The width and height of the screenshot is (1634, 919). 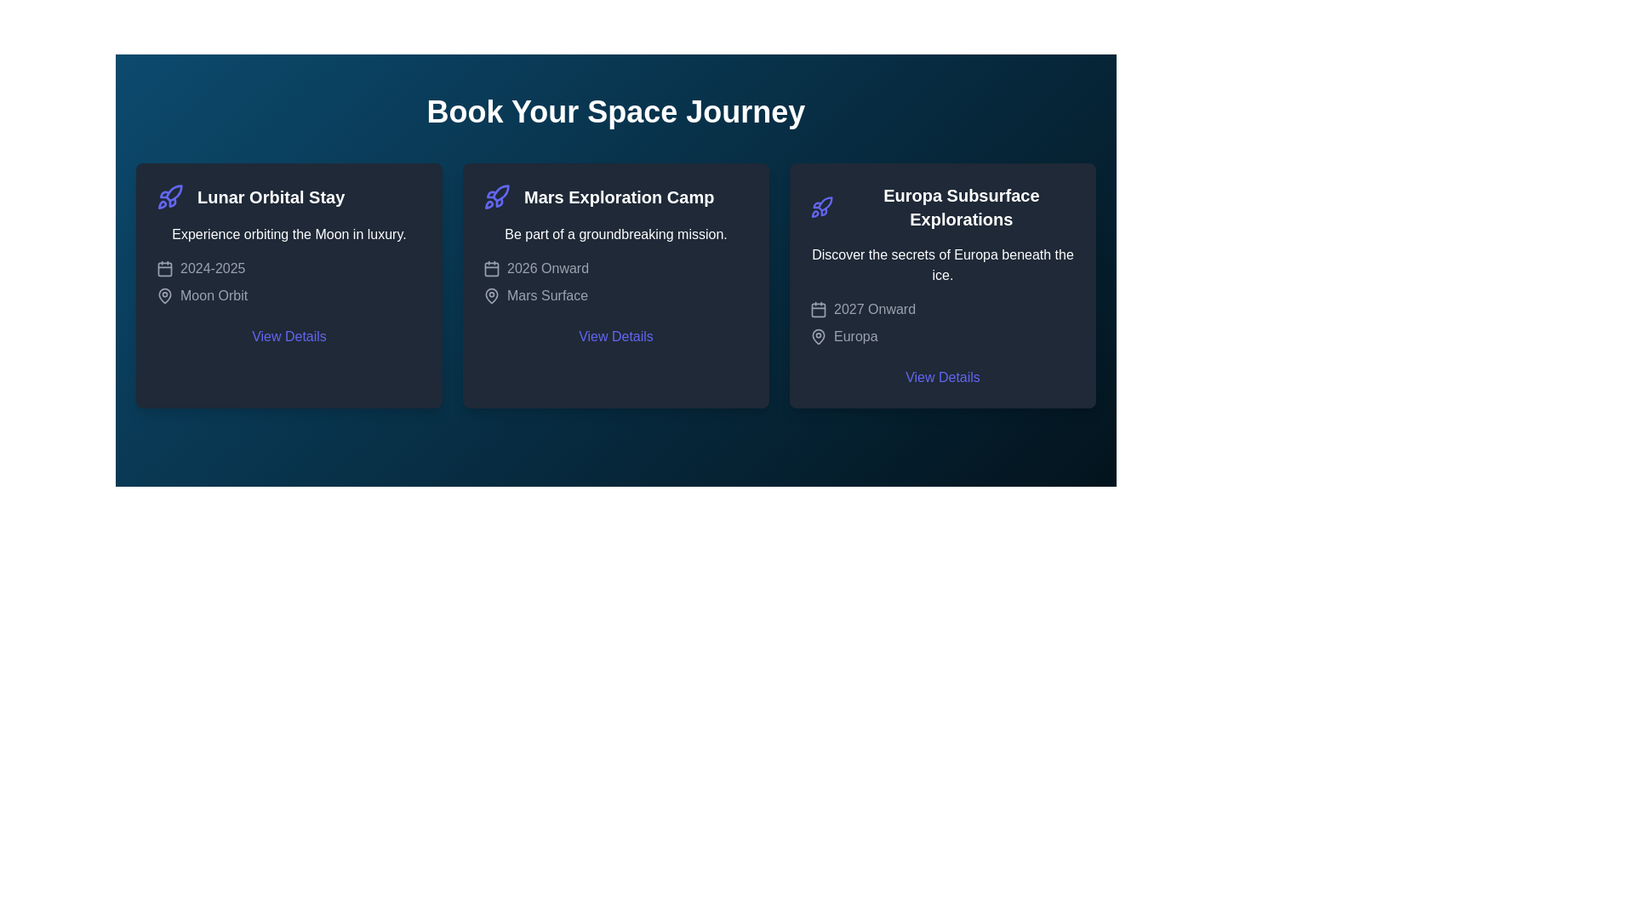 What do you see at coordinates (490, 268) in the screenshot?
I see `the gray calendar icon with round edges located in the second card titled 'Mars Exploration Camp', positioned to the left of '2026 Onward' and above 'Mars Surface'` at bounding box center [490, 268].